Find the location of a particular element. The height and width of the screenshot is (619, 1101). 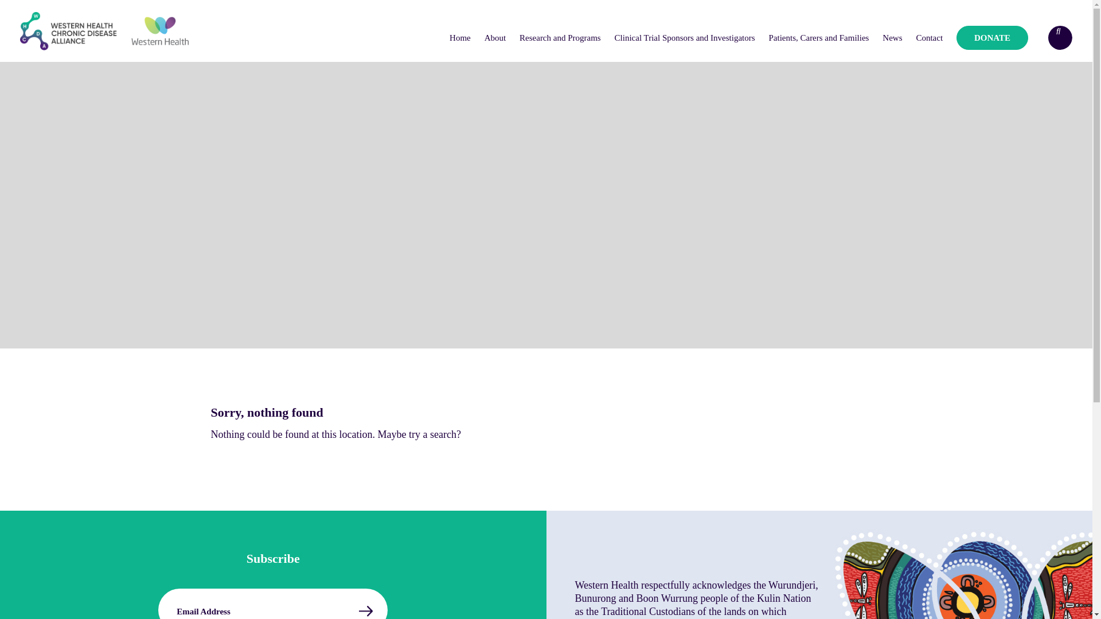

'Contact' is located at coordinates (909, 37).